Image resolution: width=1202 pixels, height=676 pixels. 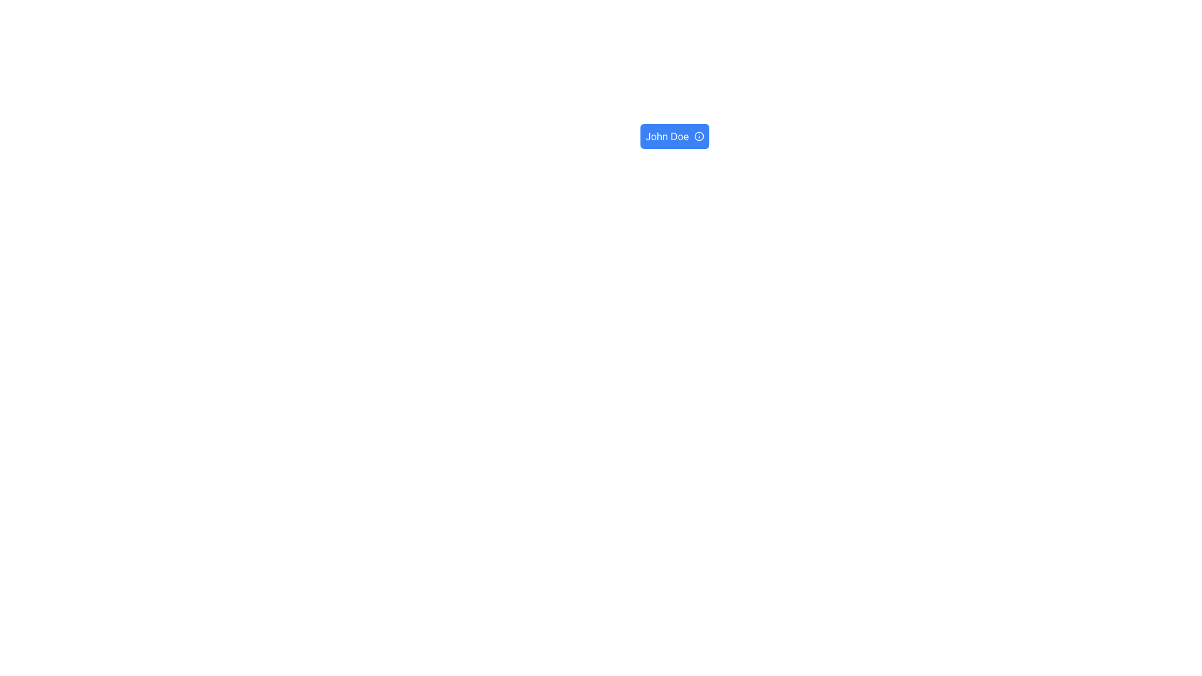 I want to click on the small circular info icon with a blue outline and a white interior, located to the right of the text label 'John Doe', so click(x=698, y=136).